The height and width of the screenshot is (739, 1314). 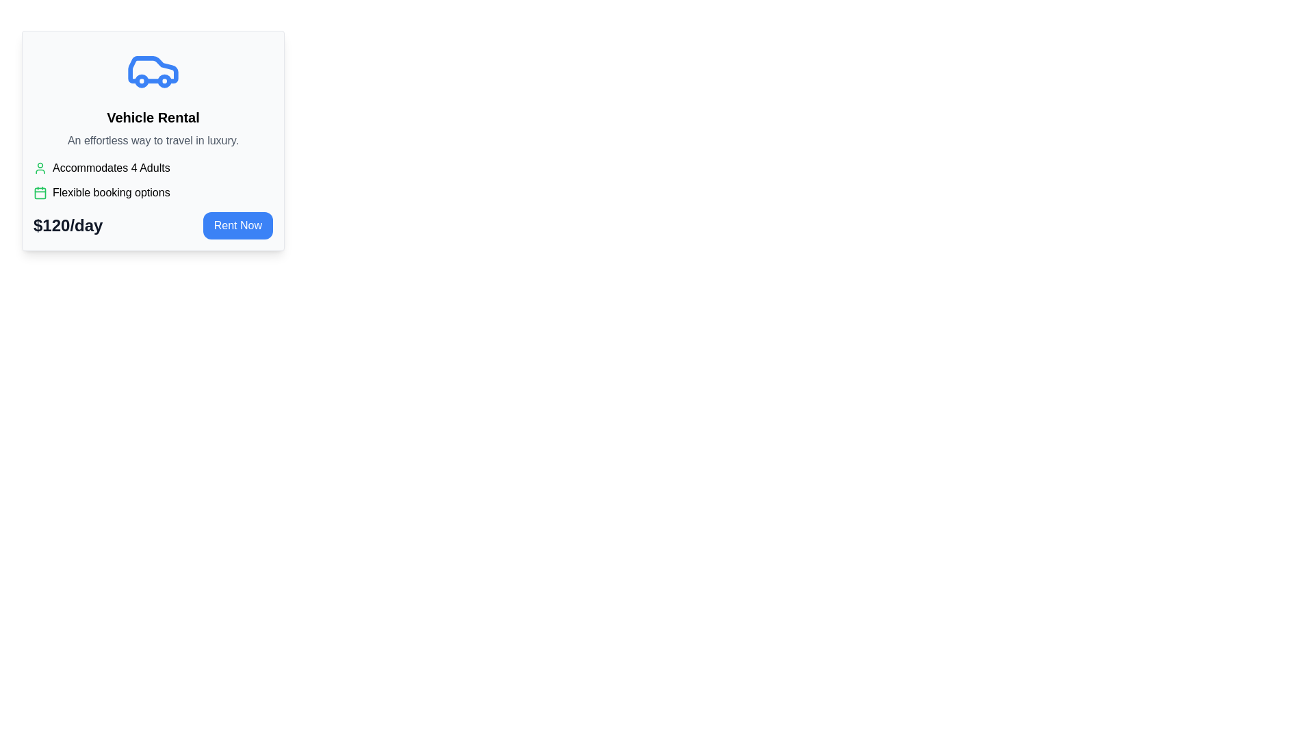 What do you see at coordinates (142, 81) in the screenshot?
I see `the small circular element located at the bottom-left corner of the car icon` at bounding box center [142, 81].